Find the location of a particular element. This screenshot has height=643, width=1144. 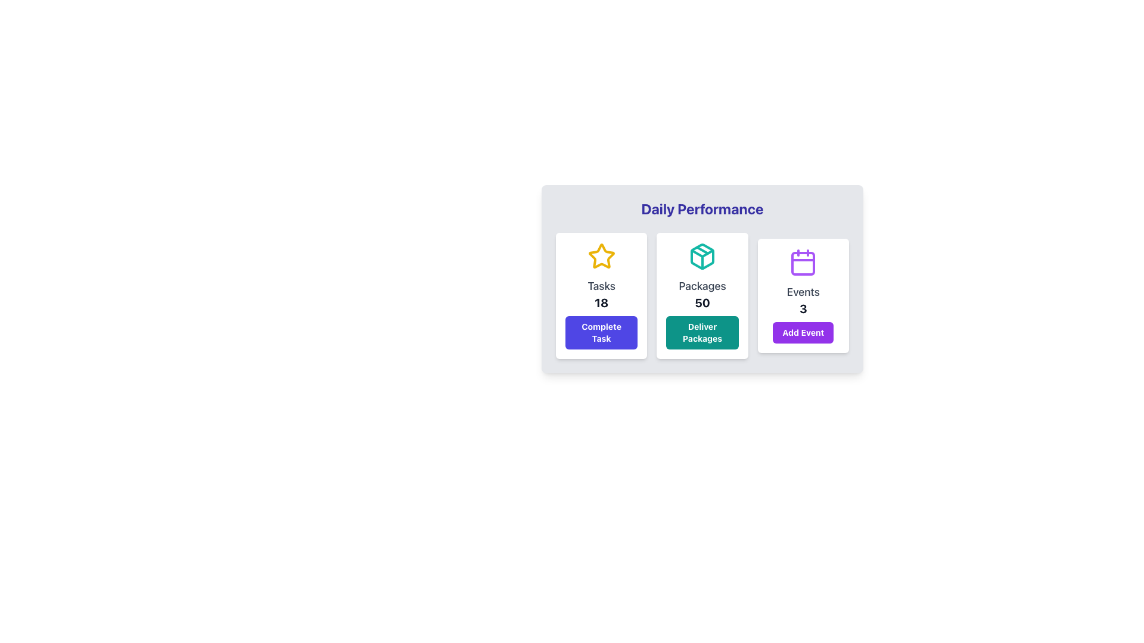

the Text label that describes 'Events', located in the rightmost card of the 'Daily Performance' section, positioned below the calendar icon and above the numerical value '3' is located at coordinates (803, 292).